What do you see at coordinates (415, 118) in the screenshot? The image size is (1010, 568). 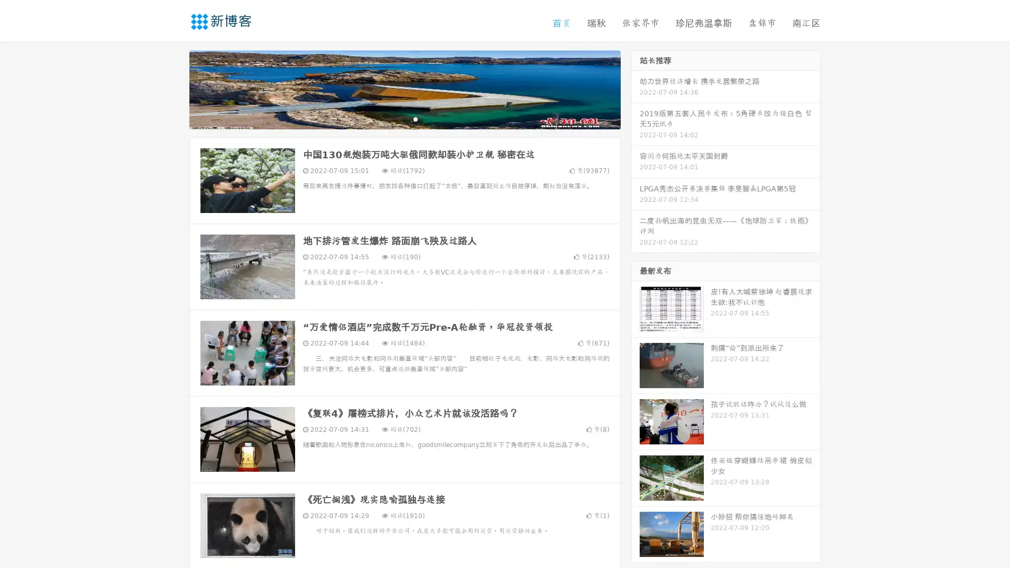 I see `Go to slide 3` at bounding box center [415, 118].